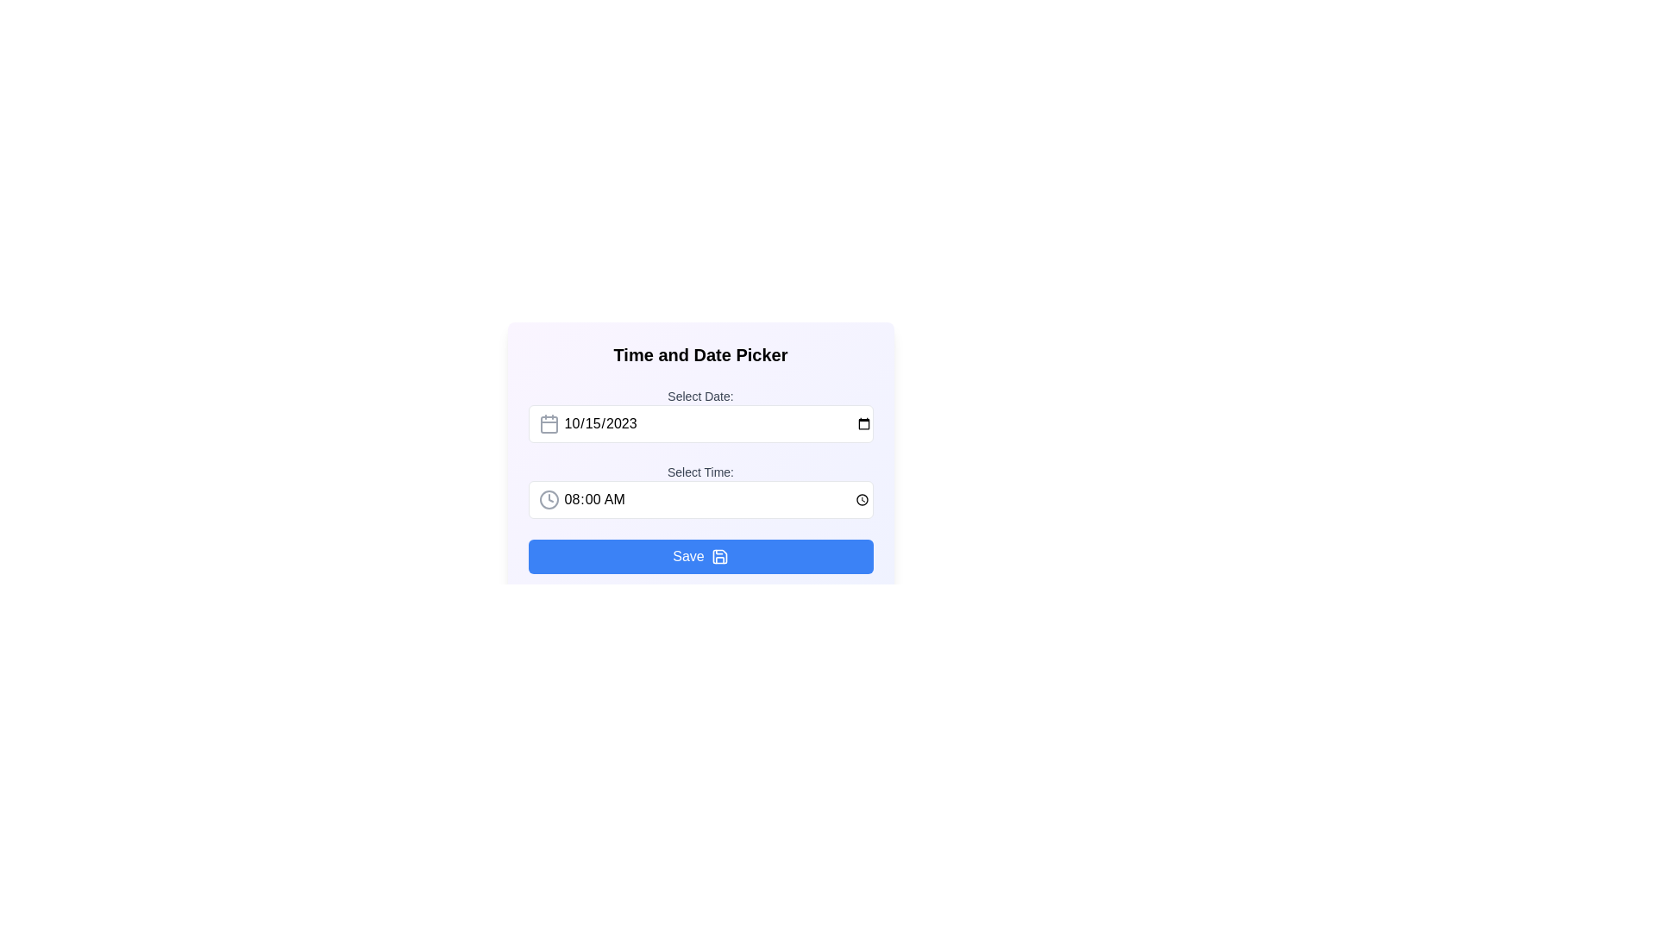 Image resolution: width=1656 pixels, height=931 pixels. I want to click on the decorative graphical element within the SVG-based calendar icon that is visually centered and adjacent to the 'Select Date' input field, so click(548, 425).